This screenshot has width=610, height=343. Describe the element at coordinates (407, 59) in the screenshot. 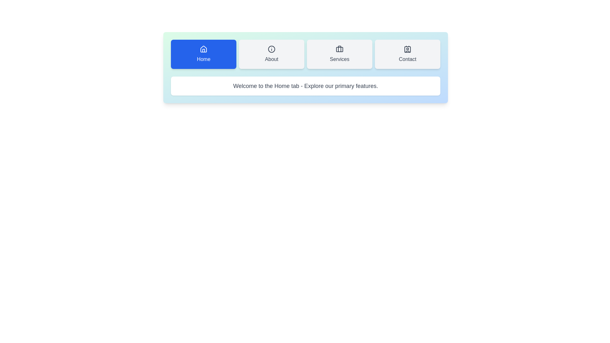

I see `the 'Contact' text label that identifies the navigational option within the card-like layout` at that location.